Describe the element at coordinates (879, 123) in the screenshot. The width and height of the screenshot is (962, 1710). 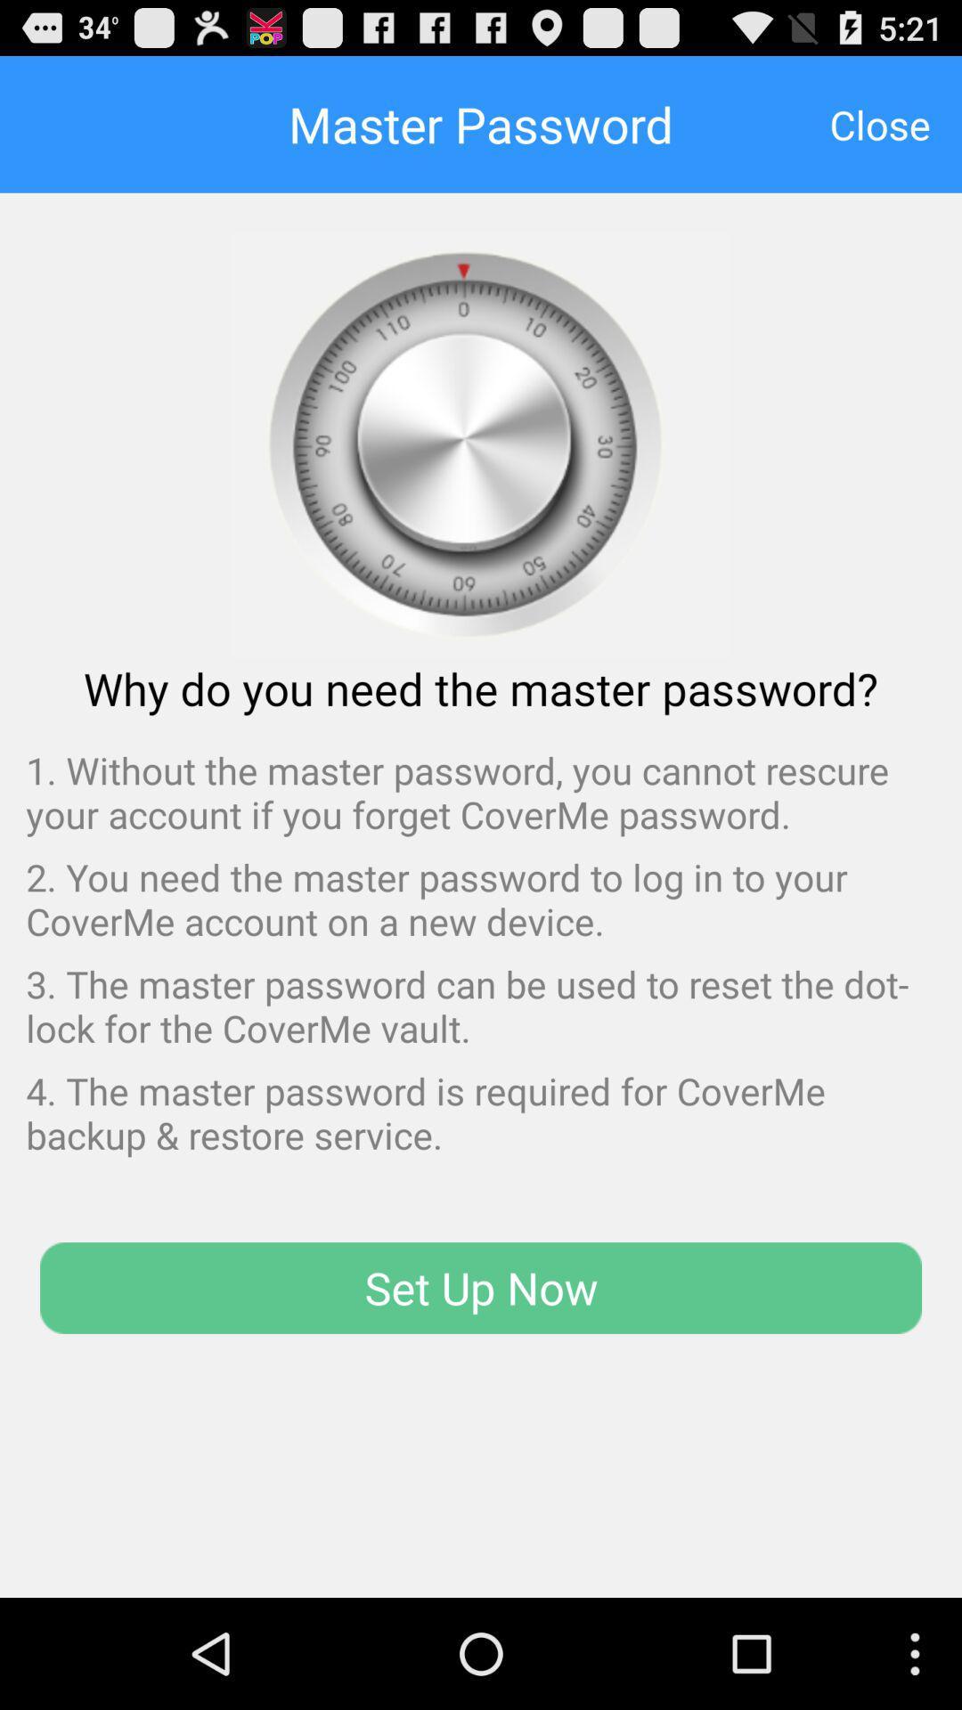
I see `app at the top right corner` at that location.